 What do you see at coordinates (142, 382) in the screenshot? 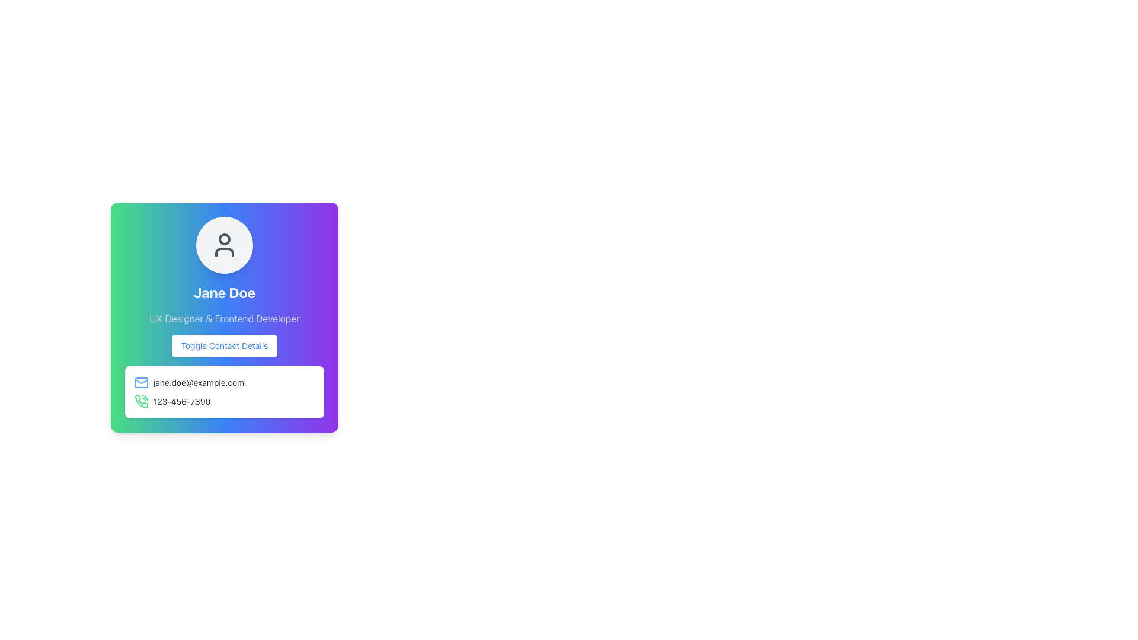
I see `the envelope icon representing an email, which is positioned to the left of the text 'jane.doe@example.com' in the contact information section of the user's profile card` at bounding box center [142, 382].